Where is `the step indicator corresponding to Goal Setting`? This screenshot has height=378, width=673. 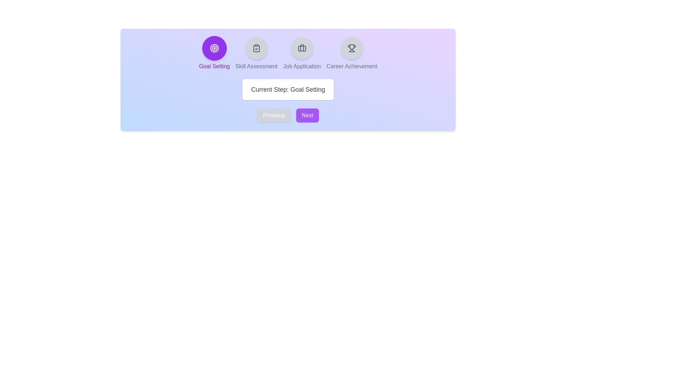
the step indicator corresponding to Goal Setting is located at coordinates (214, 48).